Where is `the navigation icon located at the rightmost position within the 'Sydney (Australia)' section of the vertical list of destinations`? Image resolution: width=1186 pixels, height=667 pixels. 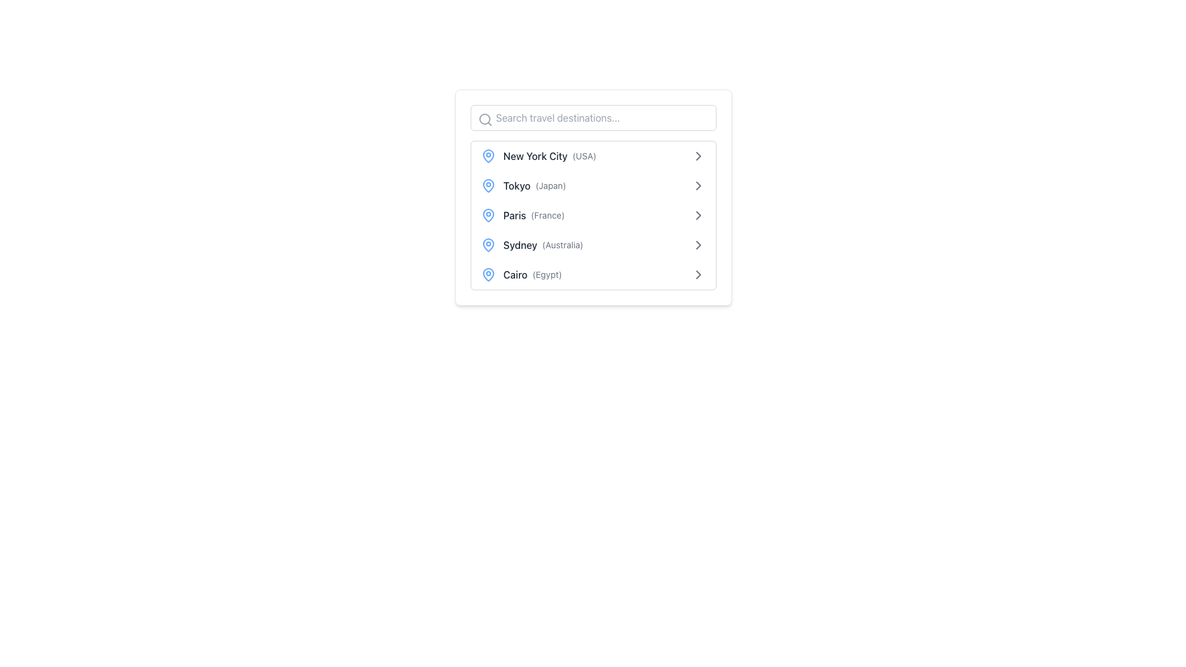 the navigation icon located at the rightmost position within the 'Sydney (Australia)' section of the vertical list of destinations is located at coordinates (699, 245).